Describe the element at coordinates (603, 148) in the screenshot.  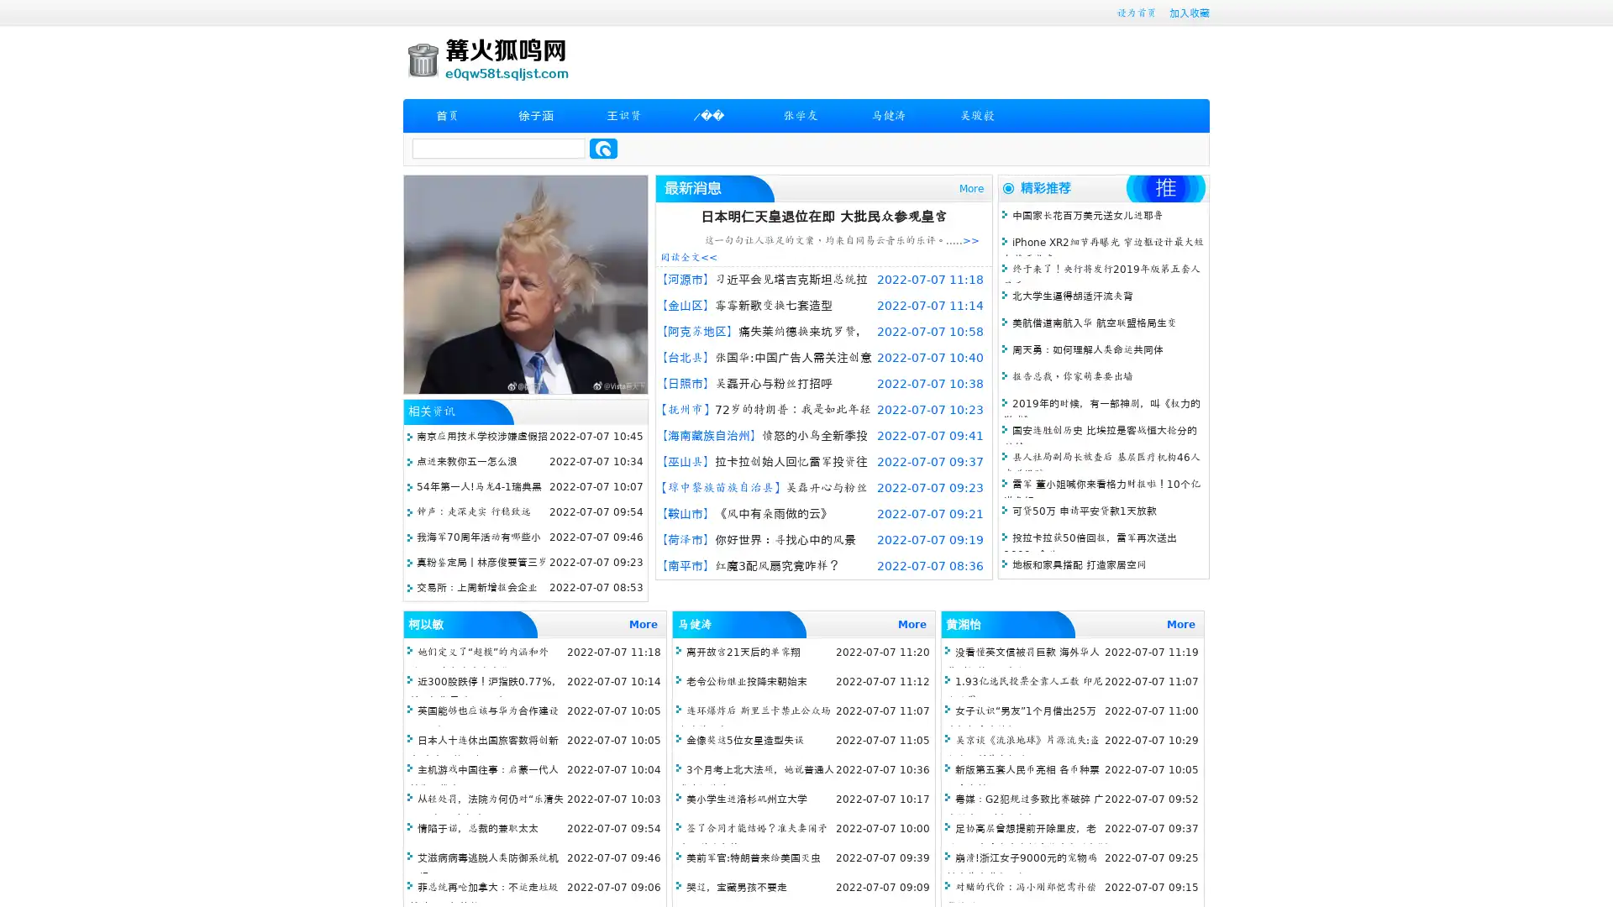
I see `Search` at that location.